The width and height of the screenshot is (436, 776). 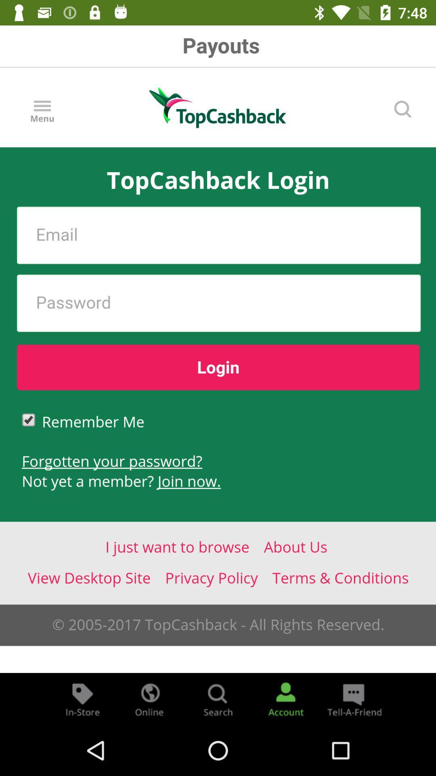 What do you see at coordinates (285, 698) in the screenshot?
I see `your account` at bounding box center [285, 698].